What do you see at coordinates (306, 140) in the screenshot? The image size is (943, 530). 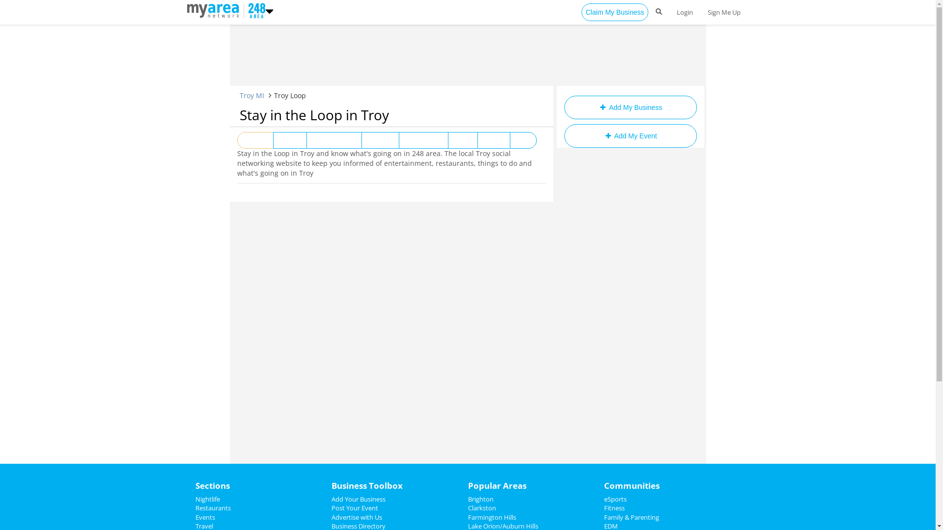 I see `'Entertainment'` at bounding box center [306, 140].